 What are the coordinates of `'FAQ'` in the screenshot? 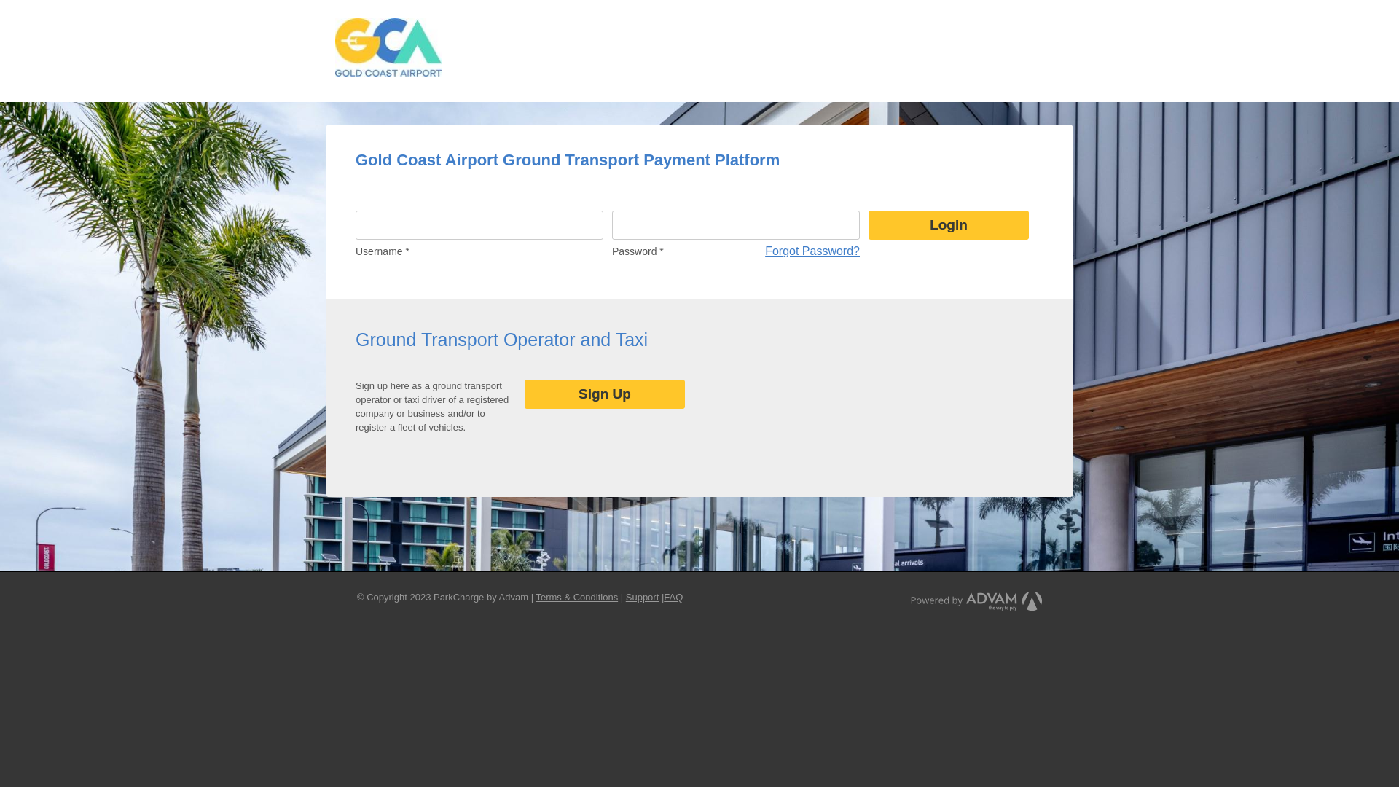 It's located at (673, 597).